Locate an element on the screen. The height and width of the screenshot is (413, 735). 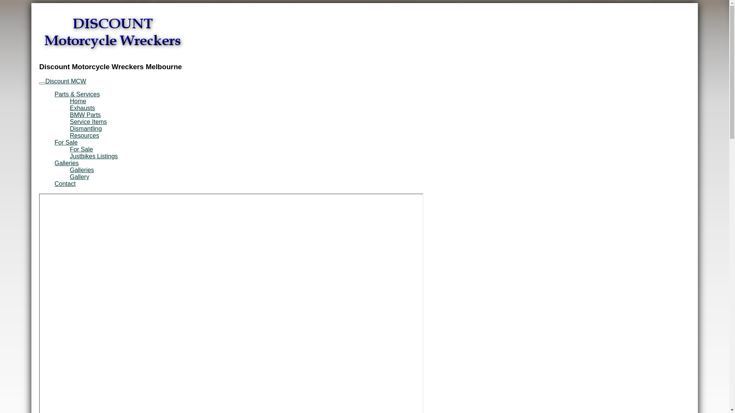
'Discount MCW' is located at coordinates (65, 81).